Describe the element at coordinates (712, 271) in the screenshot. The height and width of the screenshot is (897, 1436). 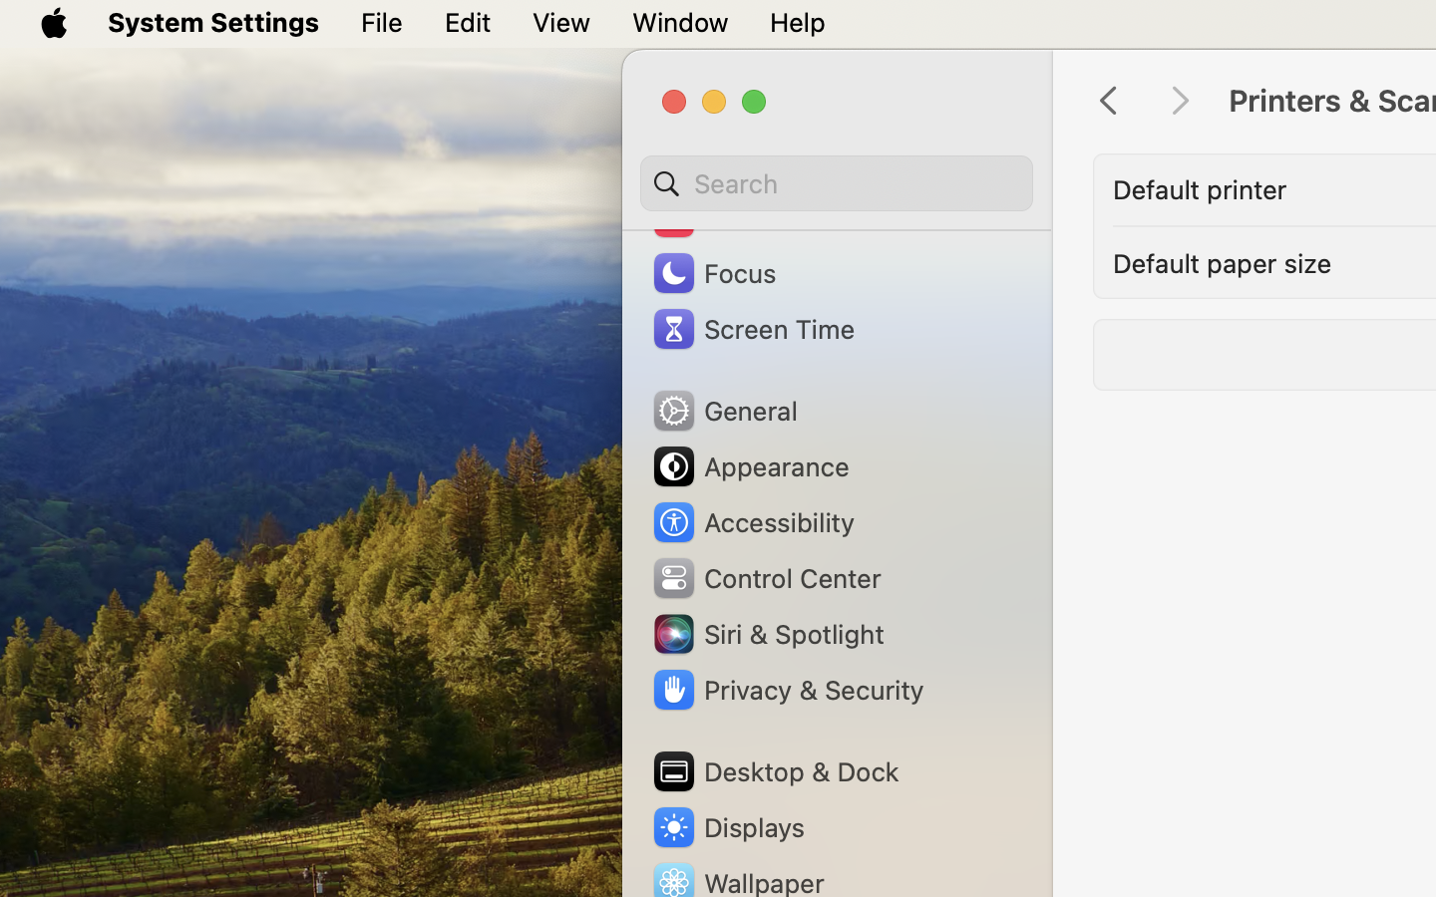
I see `'Focus'` at that location.